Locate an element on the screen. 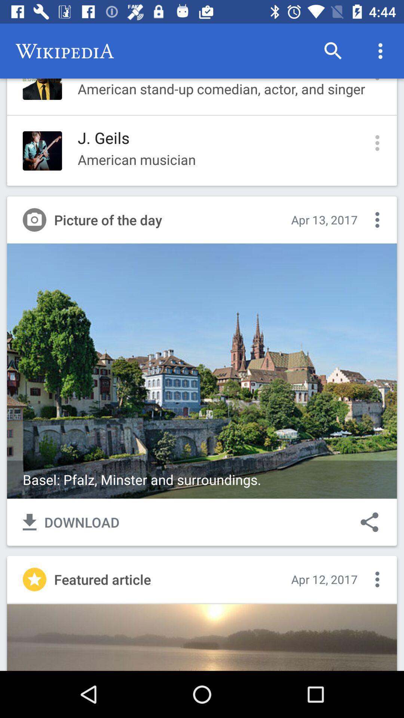 This screenshot has width=404, height=718. search icon is located at coordinates (333, 51).